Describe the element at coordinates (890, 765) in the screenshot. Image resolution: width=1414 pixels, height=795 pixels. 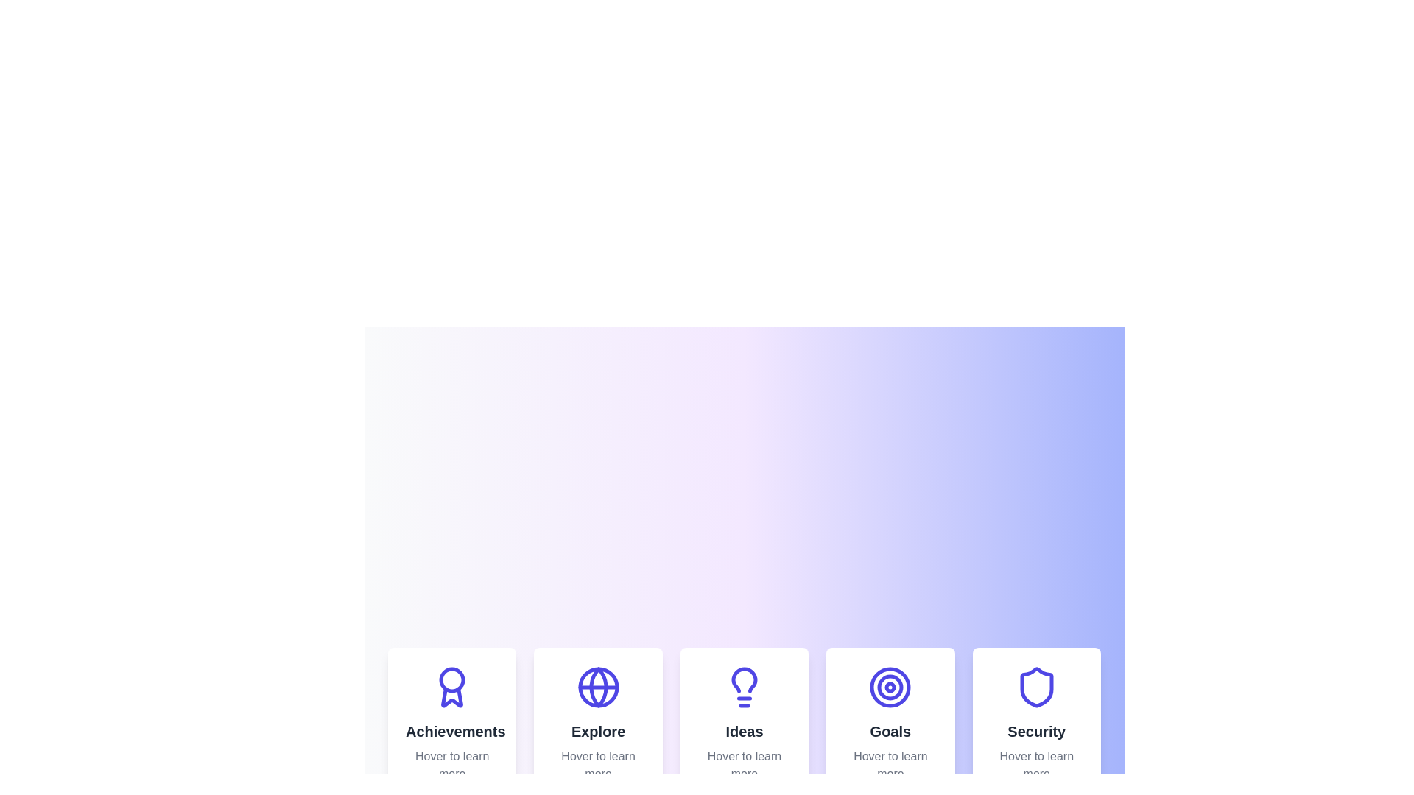
I see `the text label reading 'Hover to learn more' that is styled in gray and located below the title 'Goals' within the Goals card` at that location.